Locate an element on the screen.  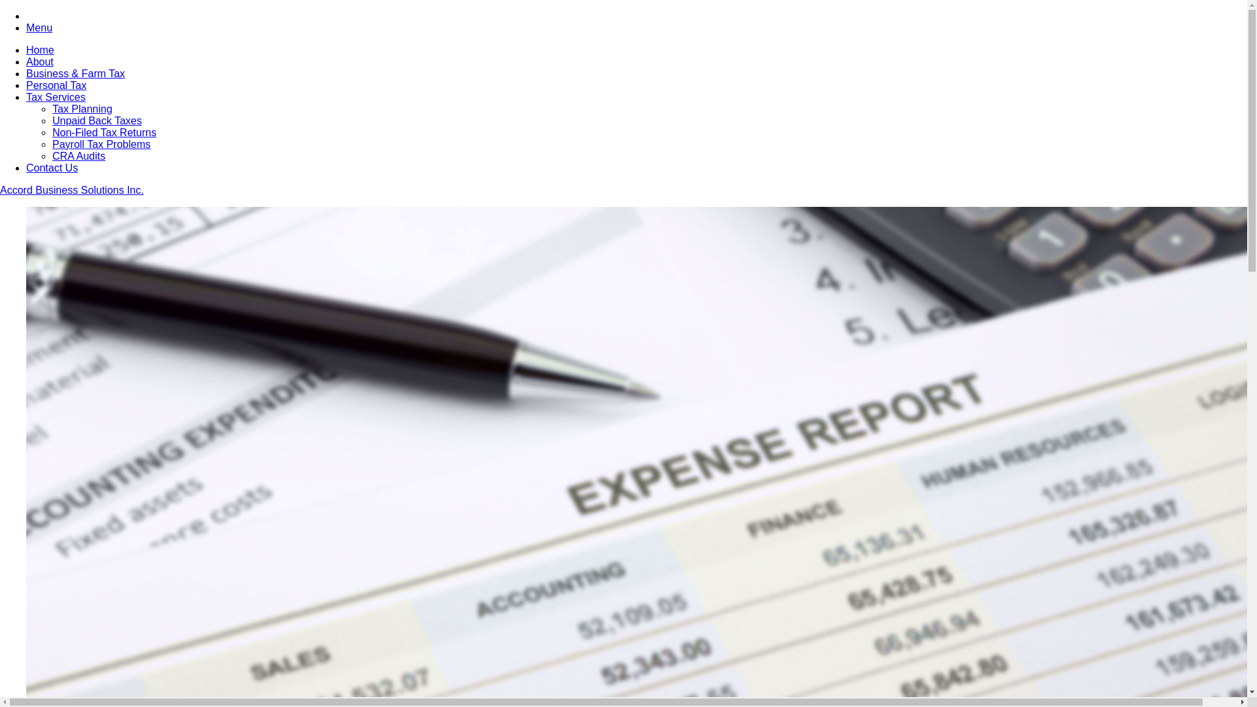
'Menu' is located at coordinates (39, 27).